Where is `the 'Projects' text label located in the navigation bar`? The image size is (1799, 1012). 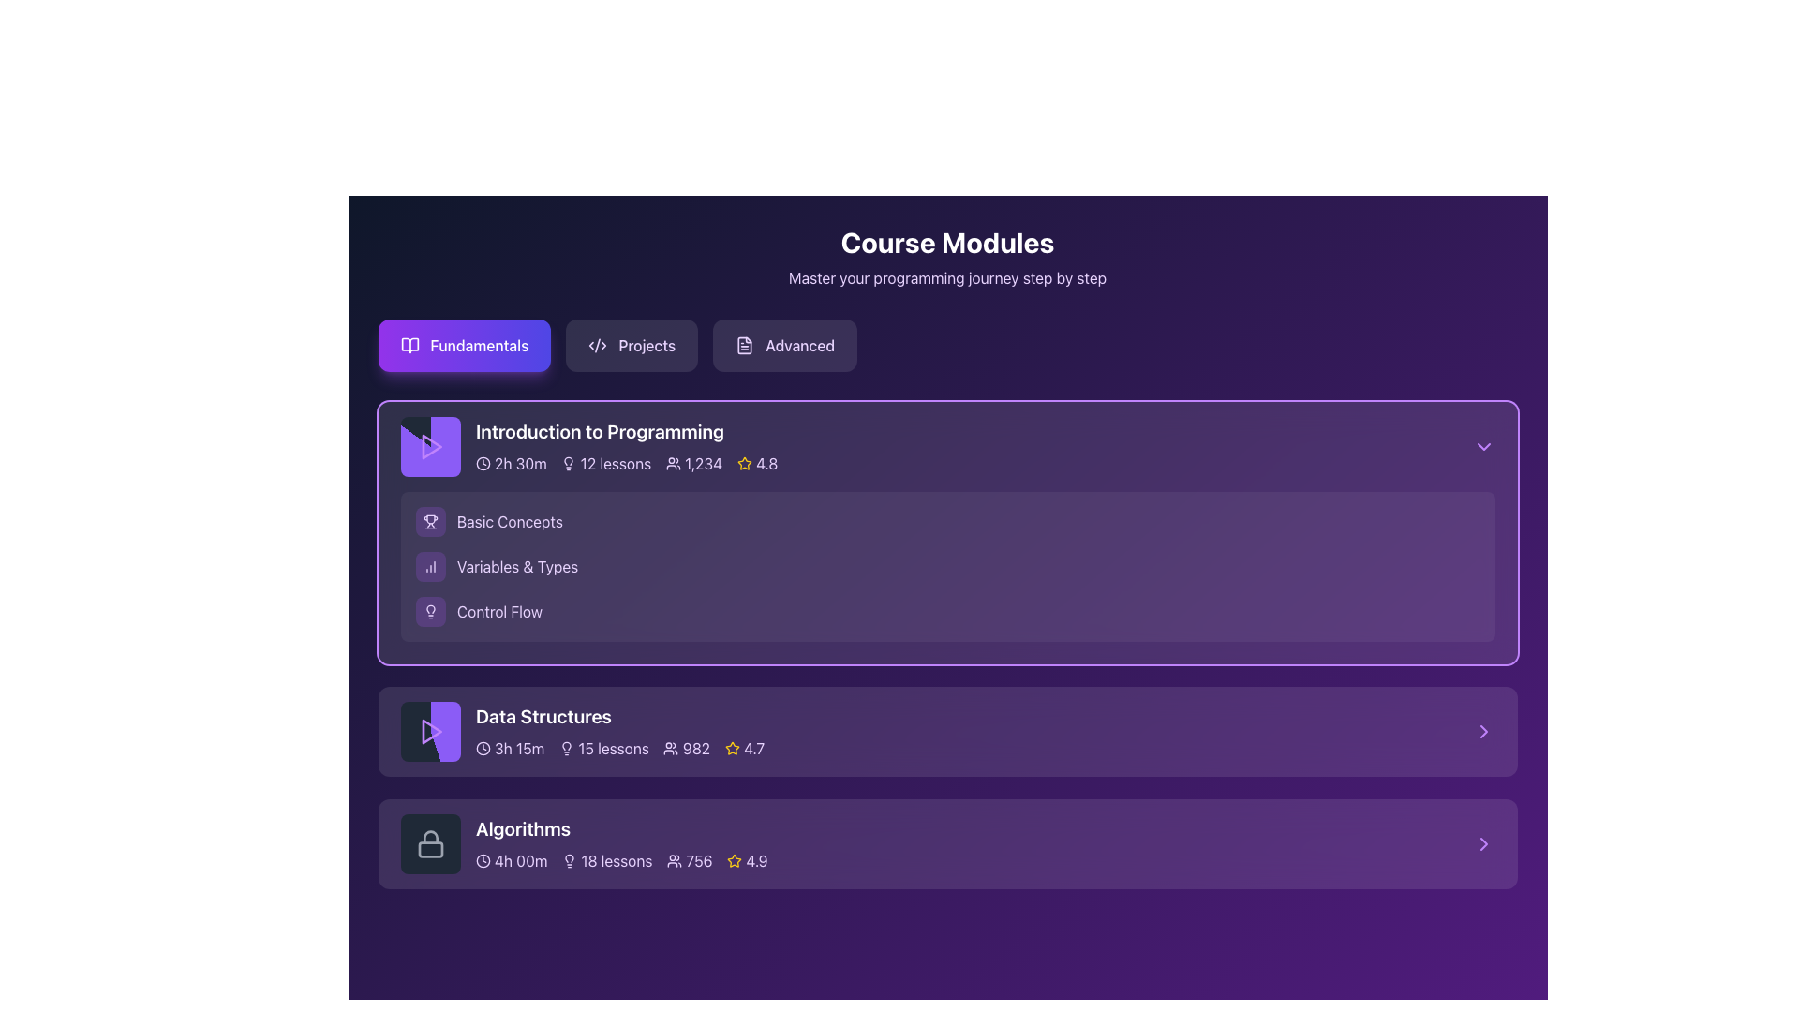
the 'Projects' text label located in the navigation bar is located at coordinates (647, 346).